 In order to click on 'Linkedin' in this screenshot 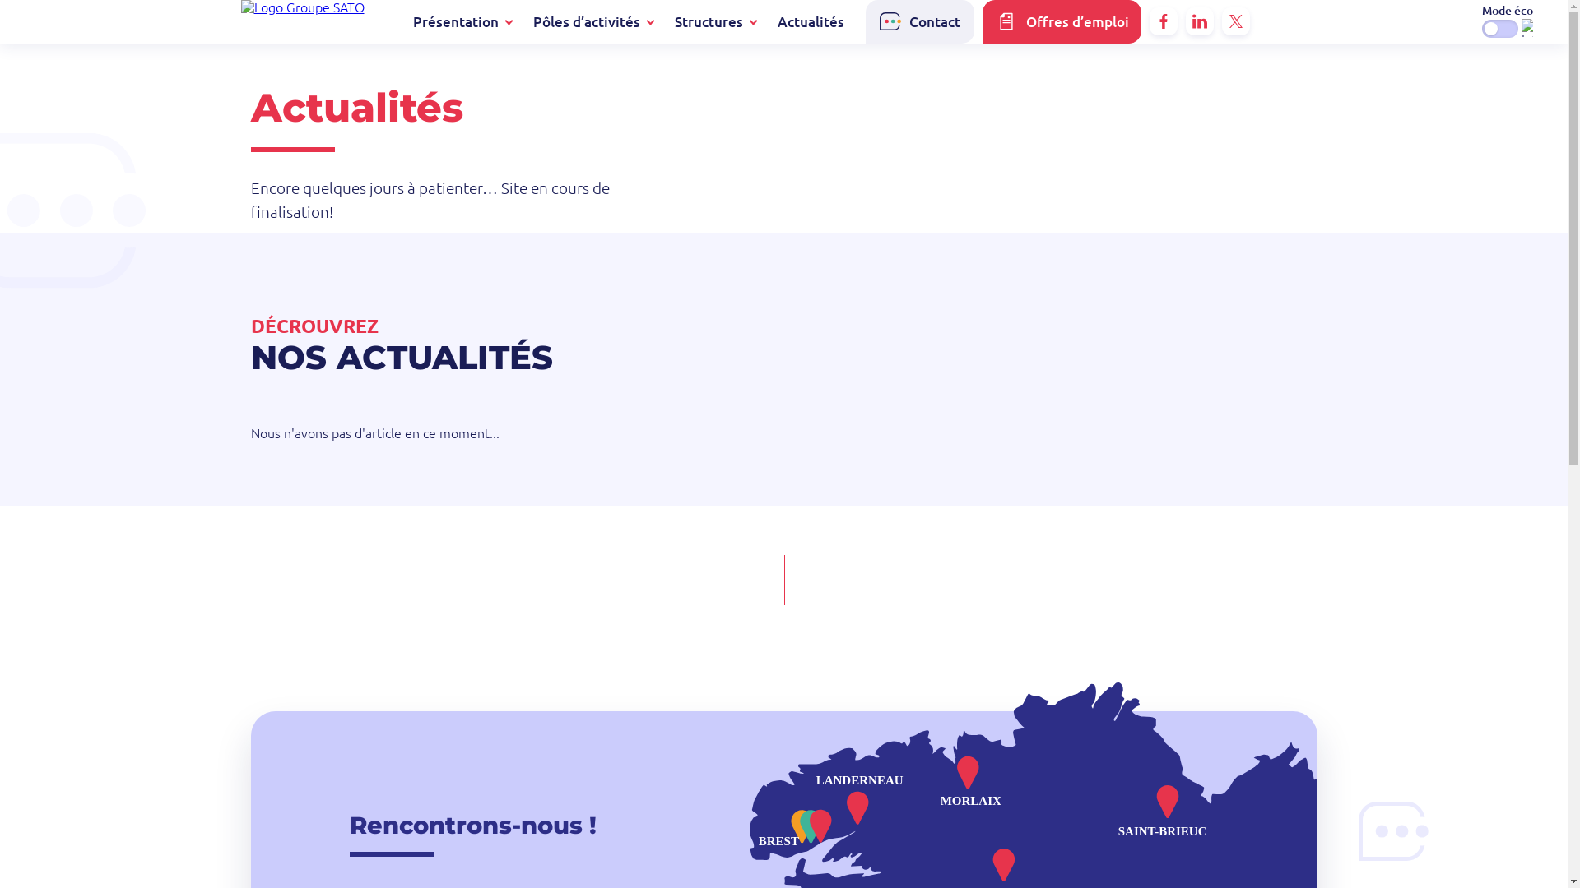, I will do `click(1200, 21)`.